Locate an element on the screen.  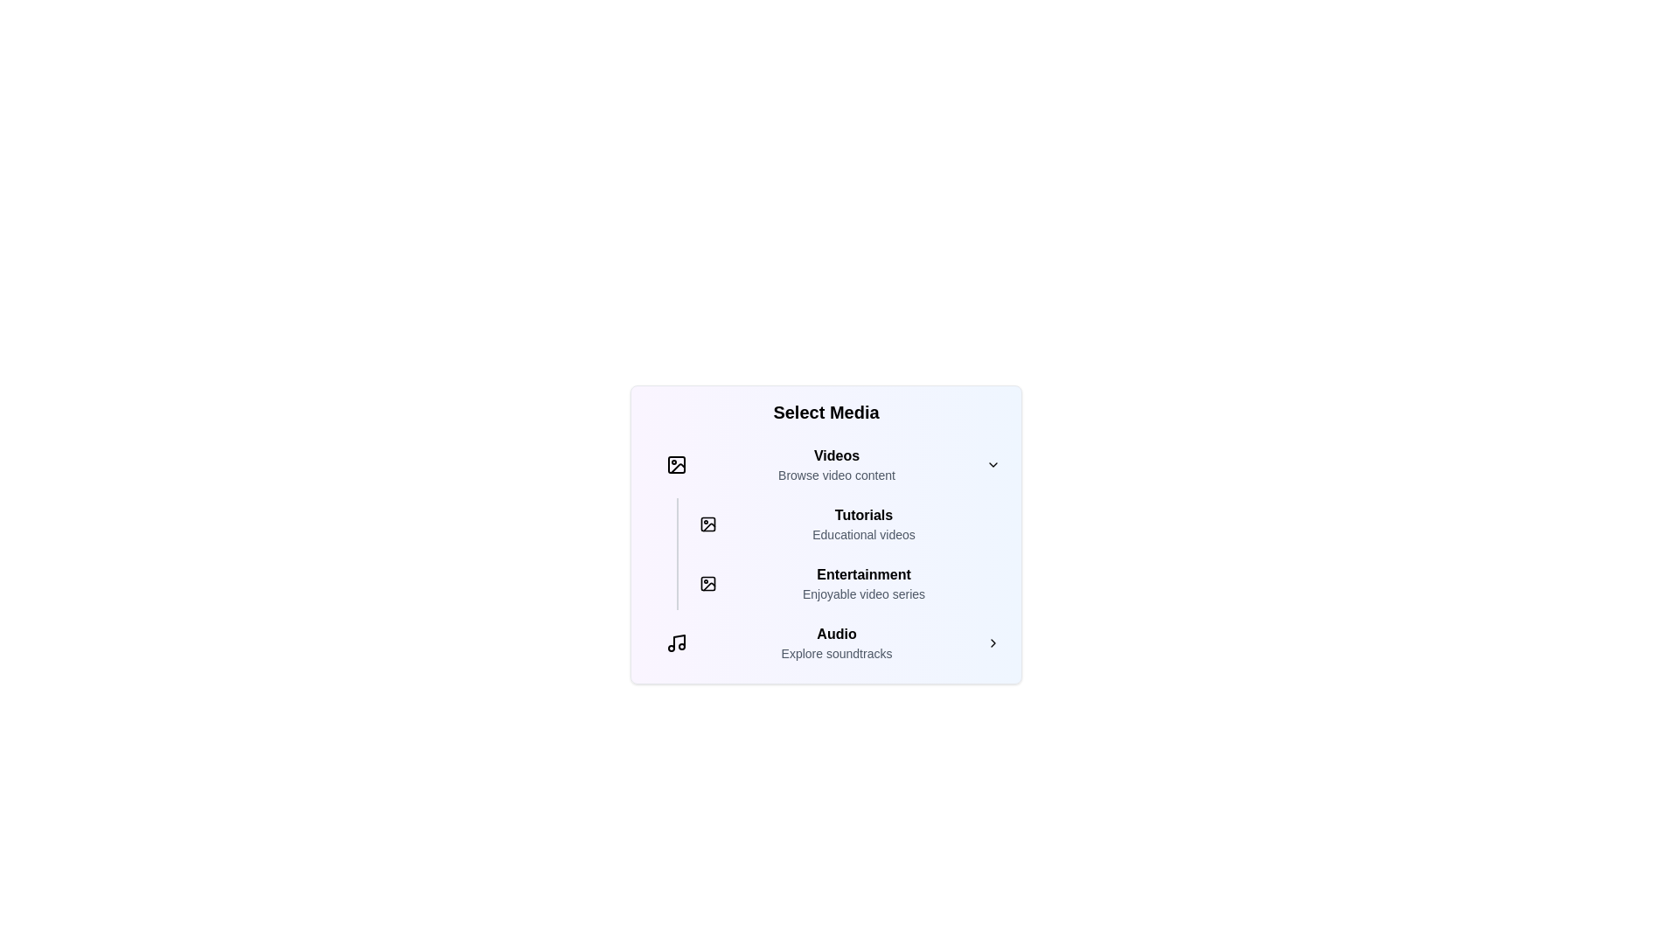
the text label reading 'Educational videos', which is styled with a smaller font size and gray color, located below the bold 'Tutorials' title in the Tutorials section is located at coordinates (864, 534).